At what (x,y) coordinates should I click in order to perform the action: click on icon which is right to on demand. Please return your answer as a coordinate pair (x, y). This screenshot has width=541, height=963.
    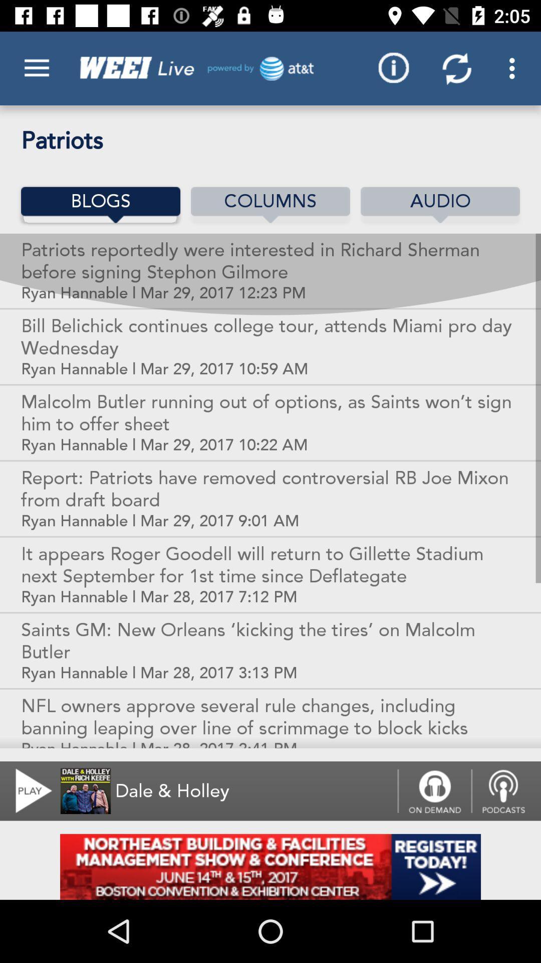
    Looking at the image, I should click on (506, 790).